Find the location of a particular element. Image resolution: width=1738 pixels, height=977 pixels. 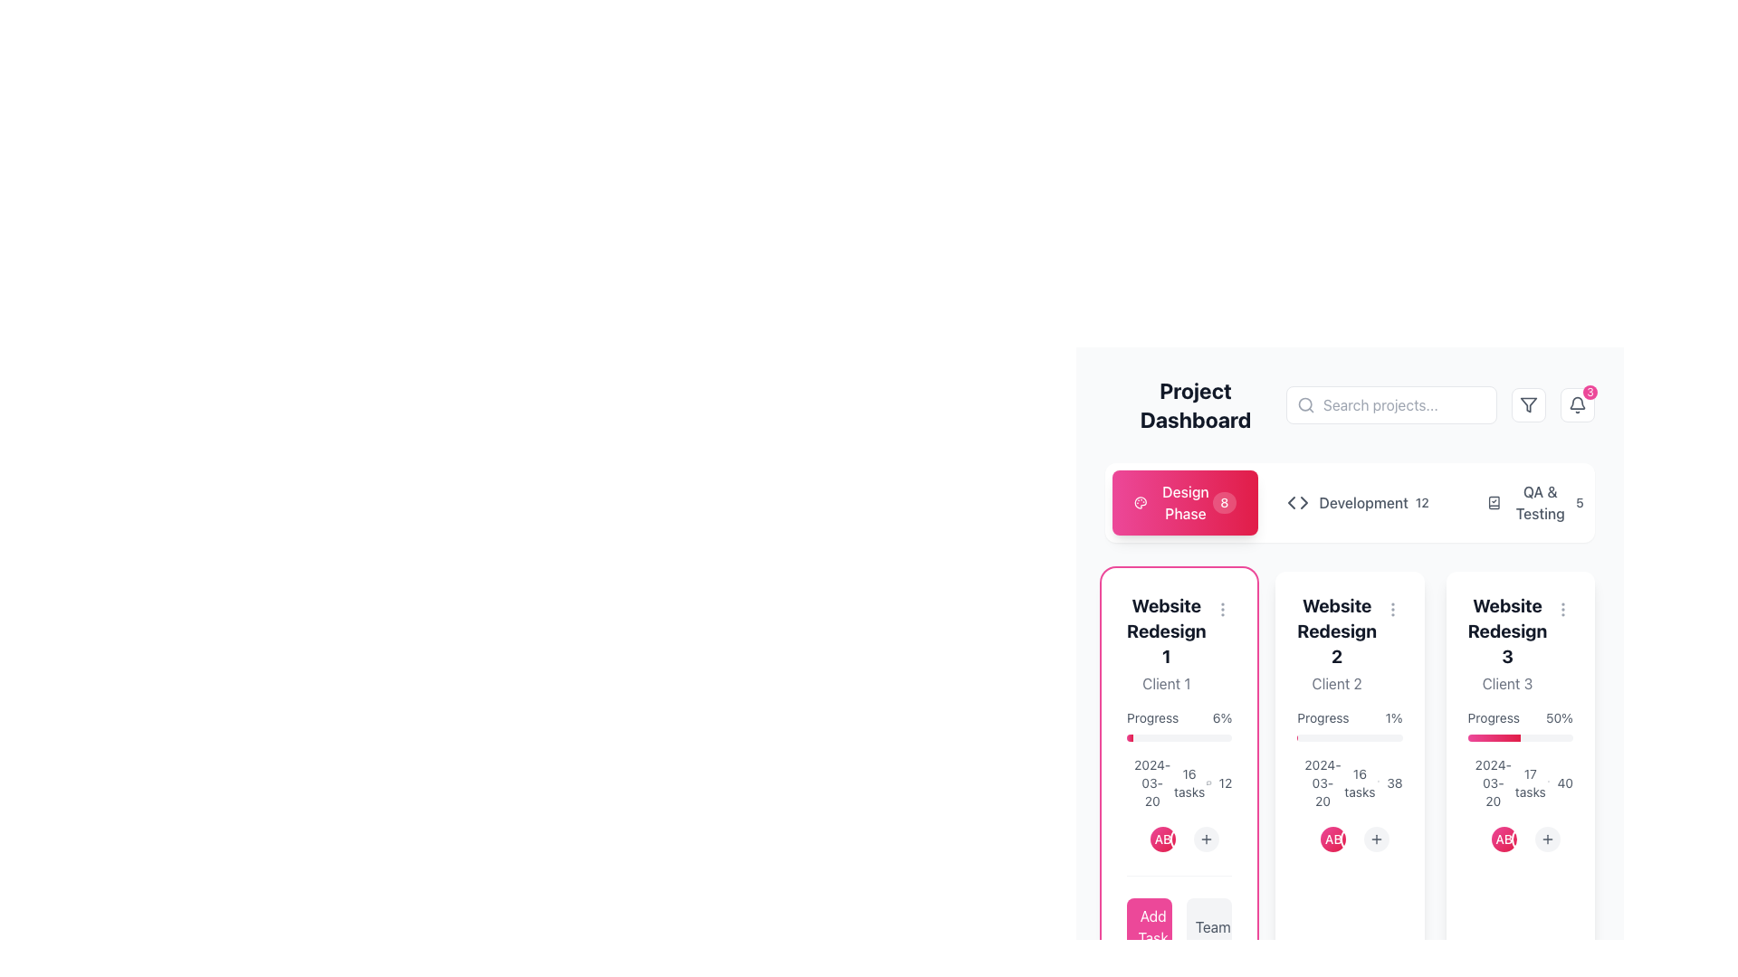

text information displayed in the Text Label showing '16 tasks', which is part of the card labeled 'Website Redesign 1', positioned below a progress bar and next to the date '2024-03-20' is located at coordinates (1189, 783).